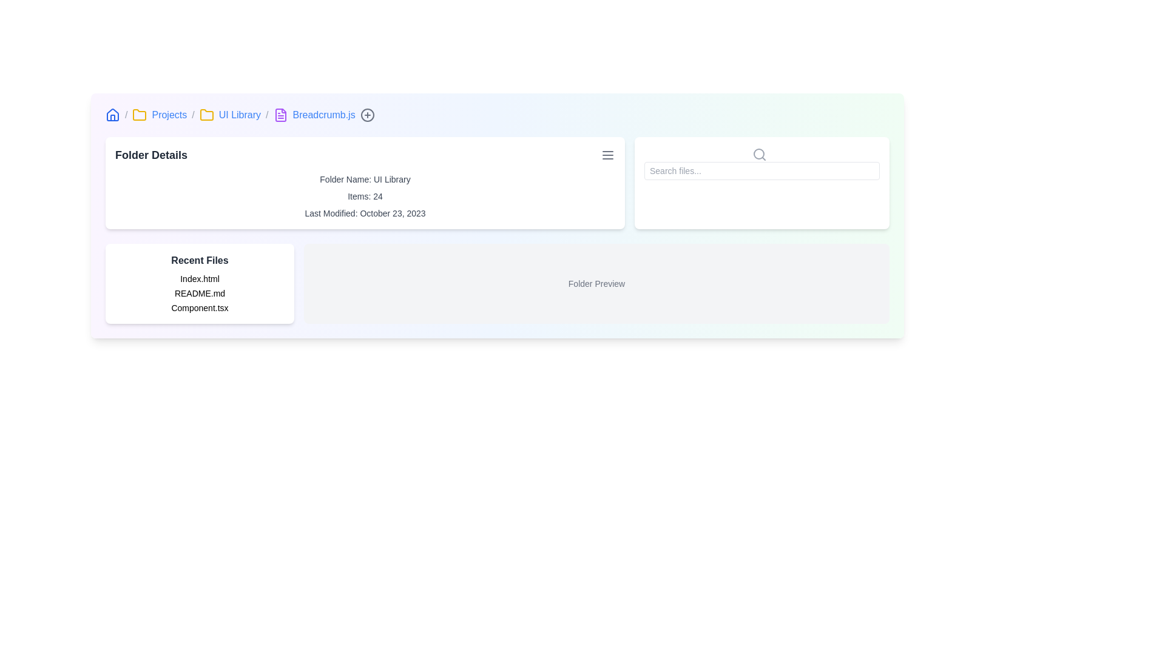 The width and height of the screenshot is (1165, 655). What do you see at coordinates (200, 293) in the screenshot?
I see `the text label 'README.md' located in the 'Recent Files' section, which is the second item in a vertical list, positioned below 'Index.html' and above 'Component.tsx'` at bounding box center [200, 293].